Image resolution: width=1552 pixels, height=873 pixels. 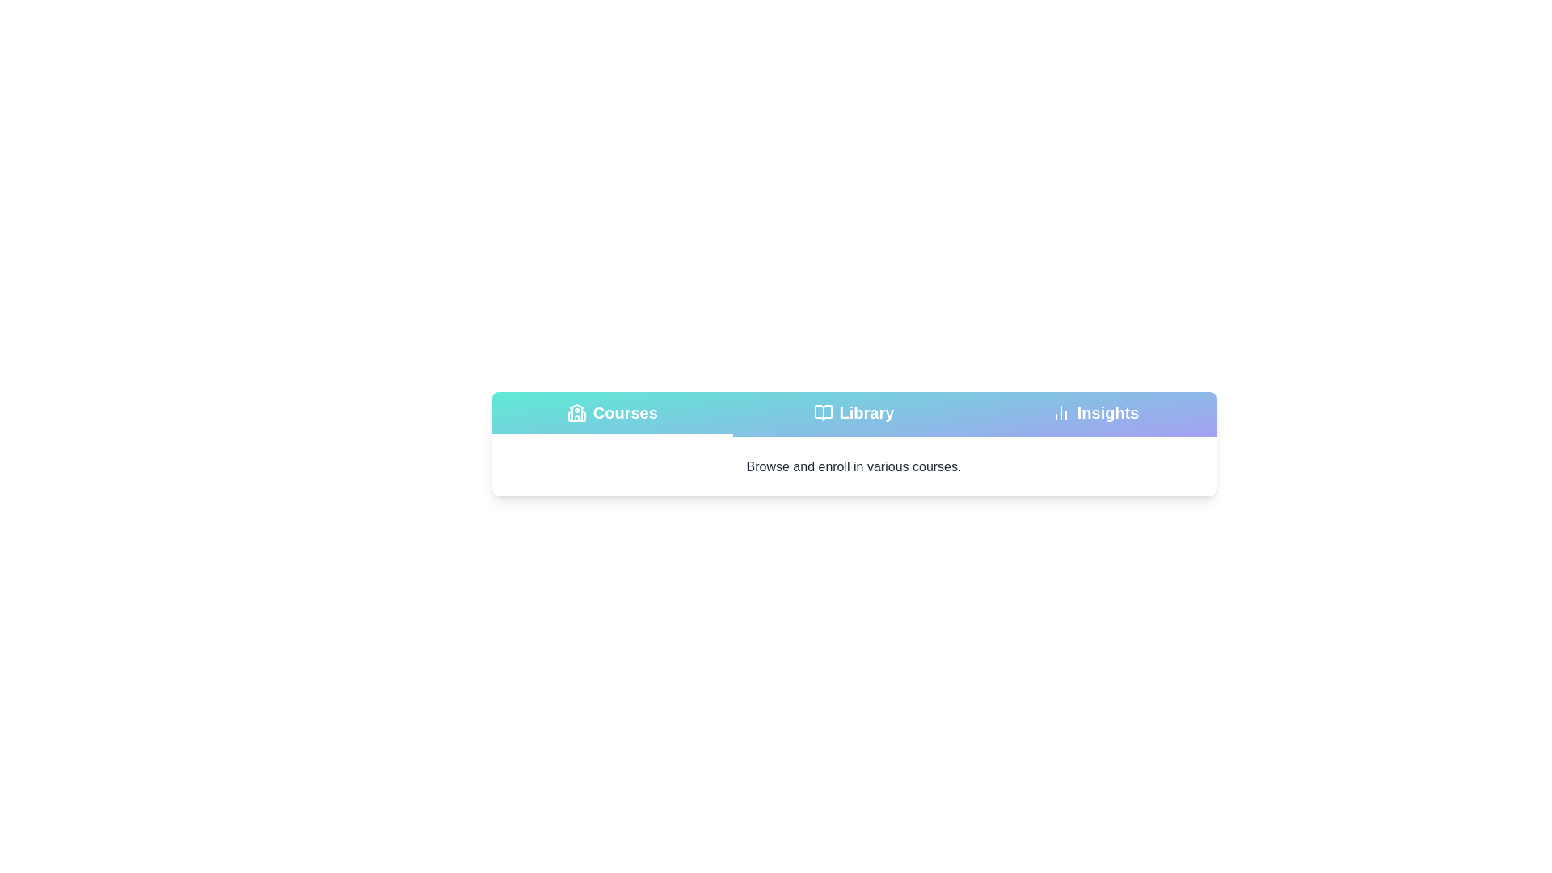 I want to click on the tab labeled Insights to view its associated content, so click(x=1095, y=414).